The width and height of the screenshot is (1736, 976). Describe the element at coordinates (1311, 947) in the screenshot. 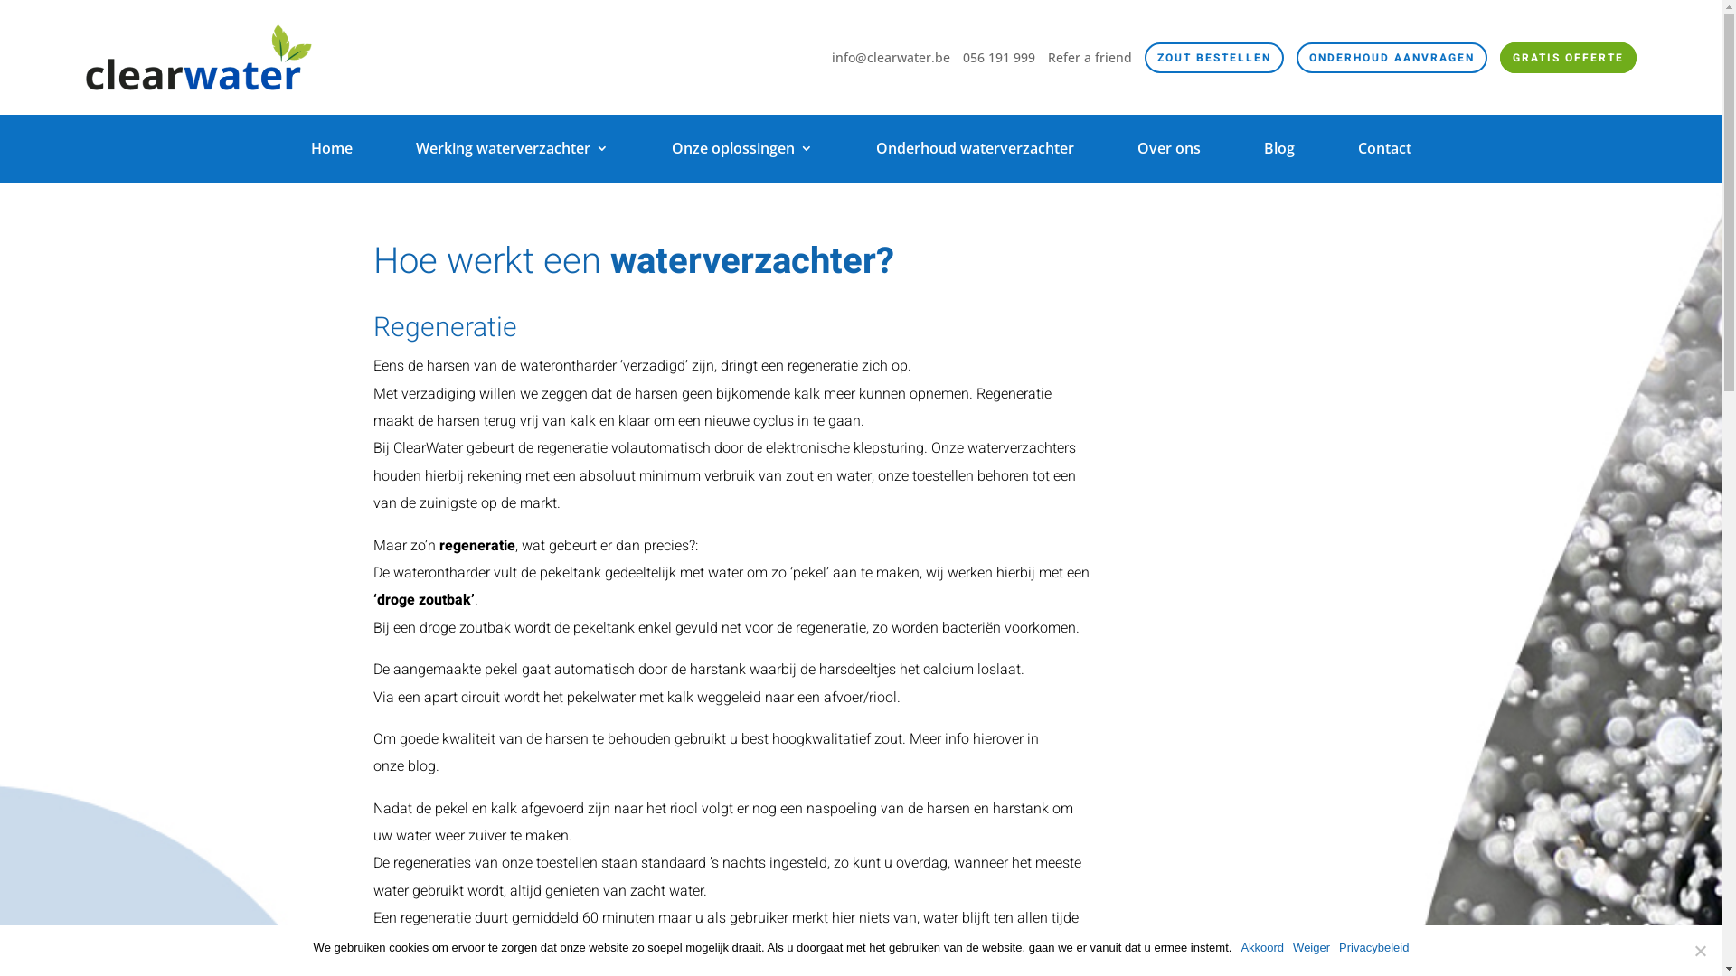

I see `'Weiger'` at that location.